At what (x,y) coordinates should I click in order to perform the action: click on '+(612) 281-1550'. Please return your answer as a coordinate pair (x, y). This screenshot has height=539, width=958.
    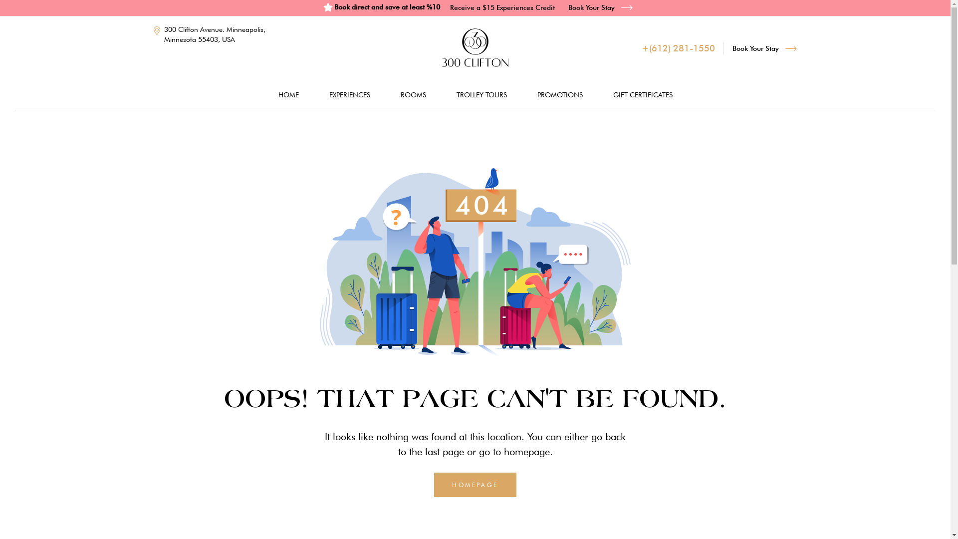
    Looking at the image, I should click on (642, 48).